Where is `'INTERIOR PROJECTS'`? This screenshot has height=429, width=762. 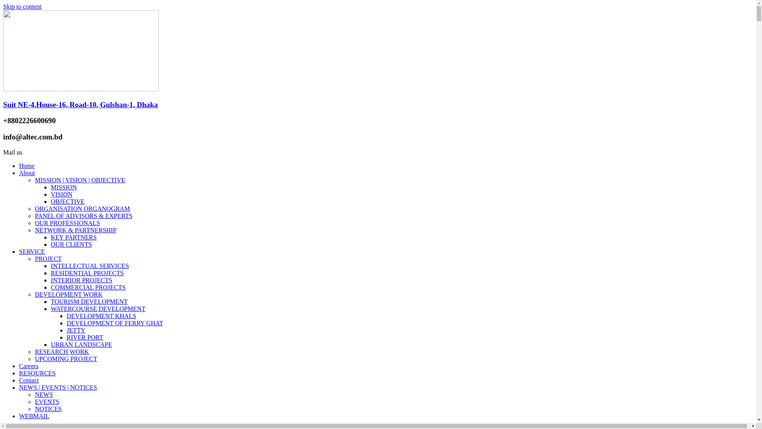
'INTERIOR PROJECTS' is located at coordinates (81, 280).